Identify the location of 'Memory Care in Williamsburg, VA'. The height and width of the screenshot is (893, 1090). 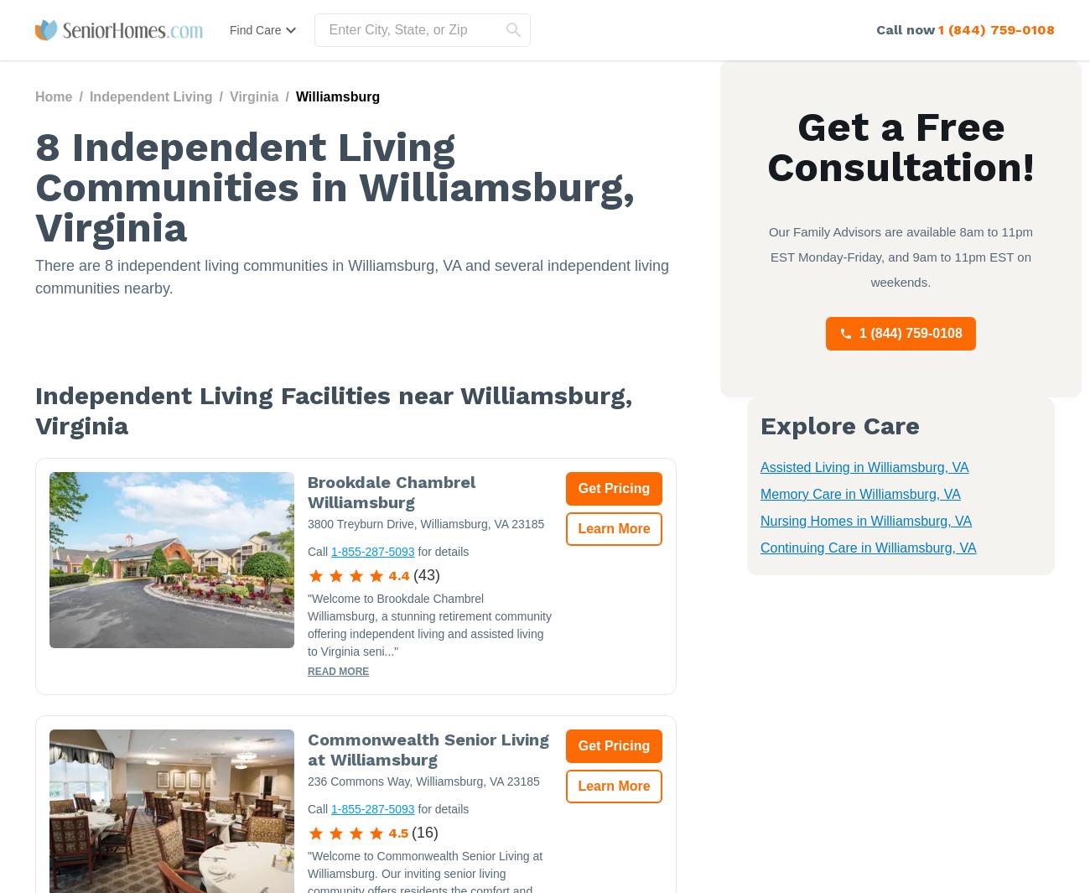
(859, 494).